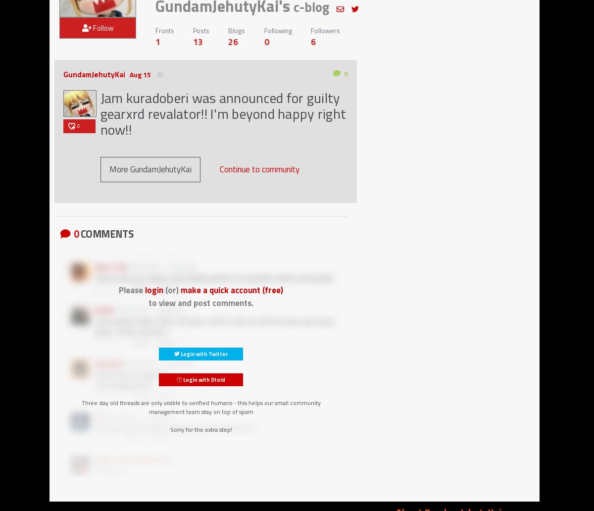 The height and width of the screenshot is (511, 594). Describe the element at coordinates (131, 290) in the screenshot. I see `'Please'` at that location.